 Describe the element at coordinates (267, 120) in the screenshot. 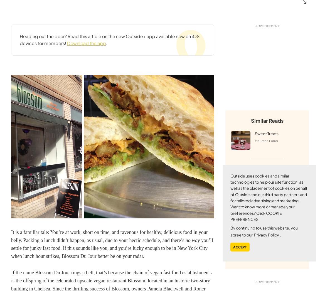

I see `'Similar Reads'` at that location.